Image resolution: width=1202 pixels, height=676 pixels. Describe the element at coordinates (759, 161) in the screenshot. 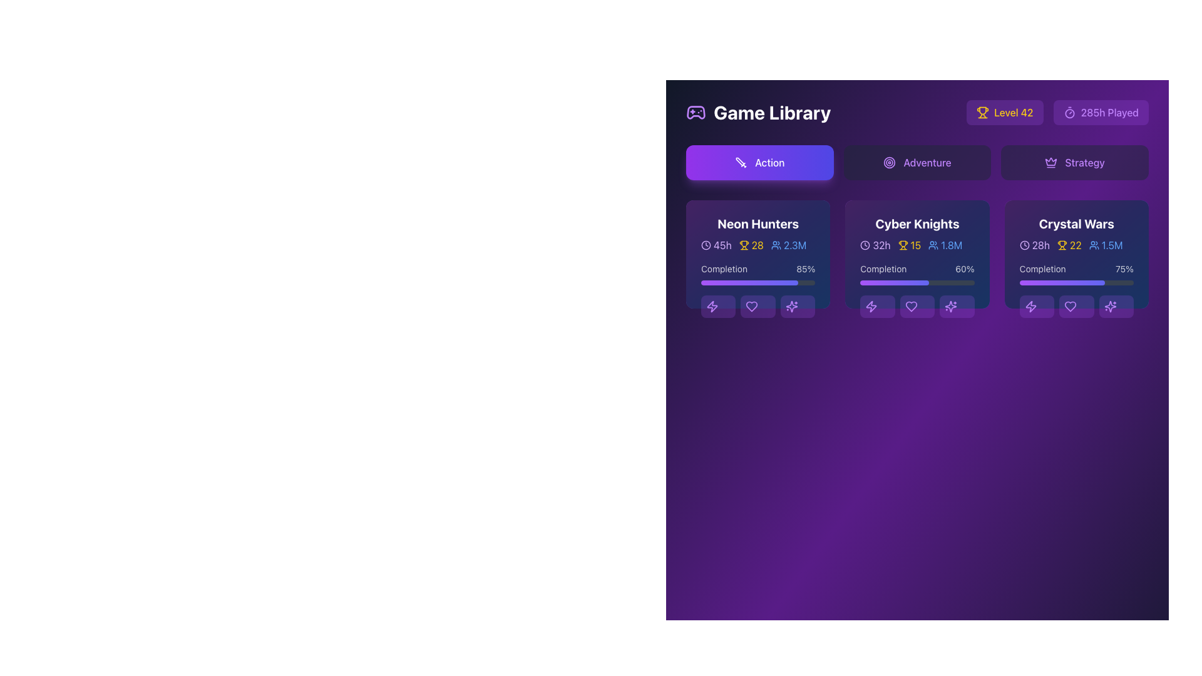

I see `the first button in a row of three buttons that serves as a category filter for 'Action'` at that location.